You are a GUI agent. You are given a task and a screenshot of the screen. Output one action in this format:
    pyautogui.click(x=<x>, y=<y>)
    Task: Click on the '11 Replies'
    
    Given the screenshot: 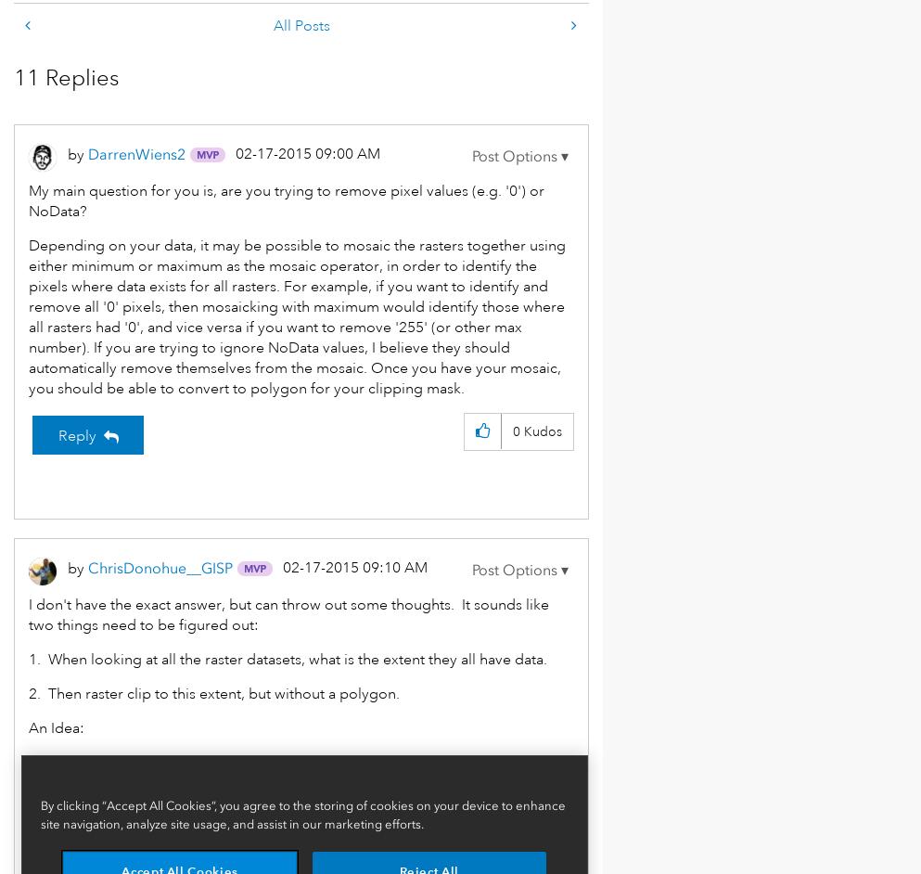 What is the action you would take?
    pyautogui.click(x=66, y=77)
    